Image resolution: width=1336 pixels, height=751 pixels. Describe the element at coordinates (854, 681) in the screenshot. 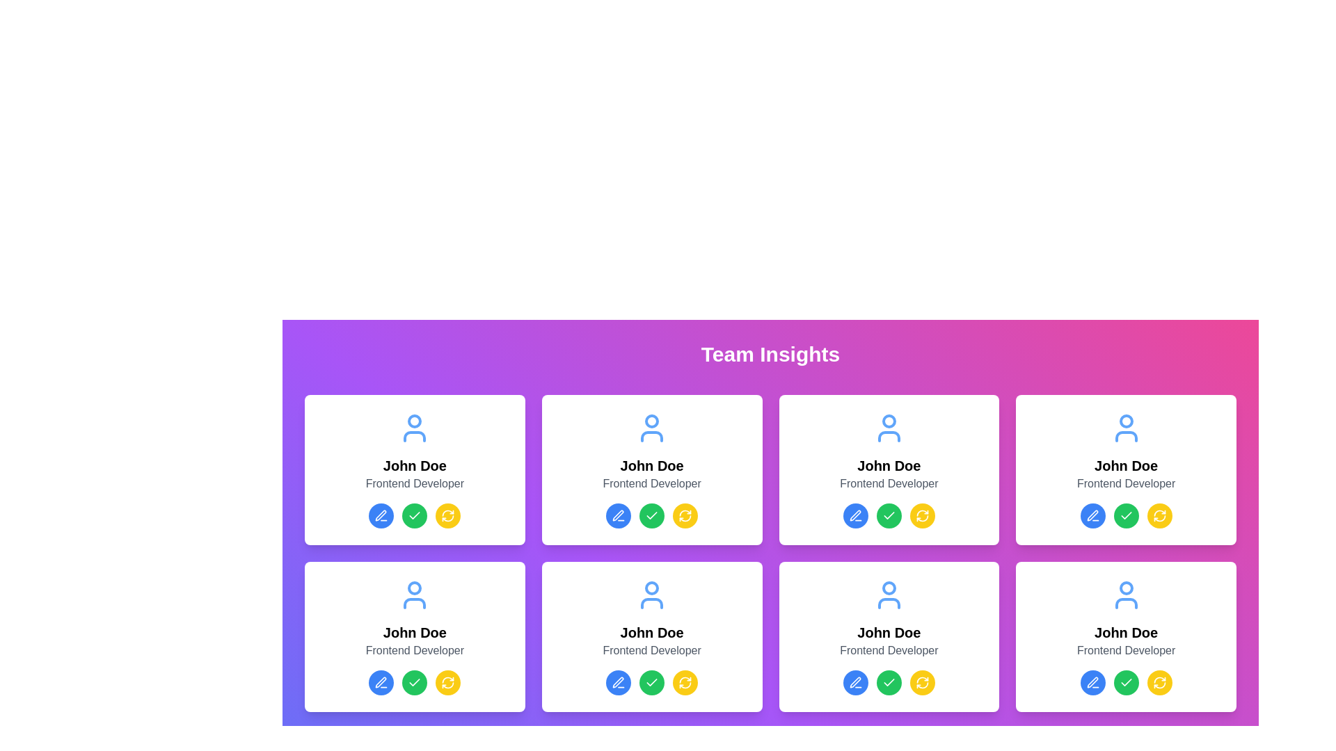

I see `the leftmost icon button located in the bottom-right corner of the last card` at that location.